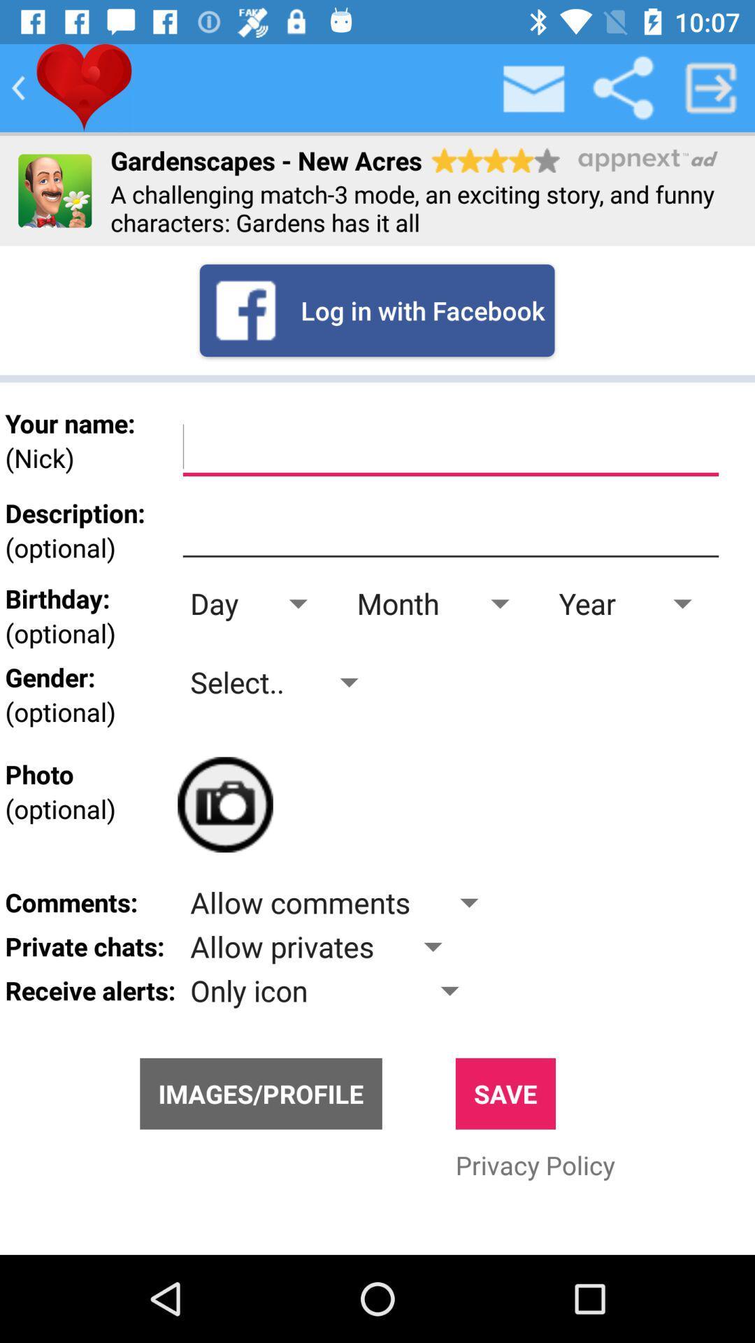 The width and height of the screenshot is (755, 1343). I want to click on the launch icon, so click(711, 87).